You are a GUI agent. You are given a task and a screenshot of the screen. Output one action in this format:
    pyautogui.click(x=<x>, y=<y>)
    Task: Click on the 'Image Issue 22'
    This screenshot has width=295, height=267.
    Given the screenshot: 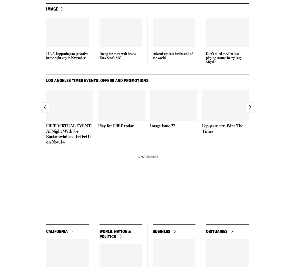 What is the action you would take?
    pyautogui.click(x=162, y=126)
    